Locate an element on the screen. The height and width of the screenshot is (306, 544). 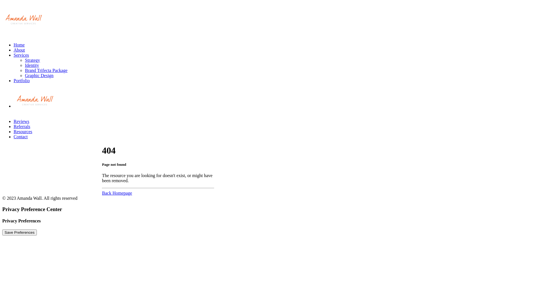
'Referrals' is located at coordinates (22, 126).